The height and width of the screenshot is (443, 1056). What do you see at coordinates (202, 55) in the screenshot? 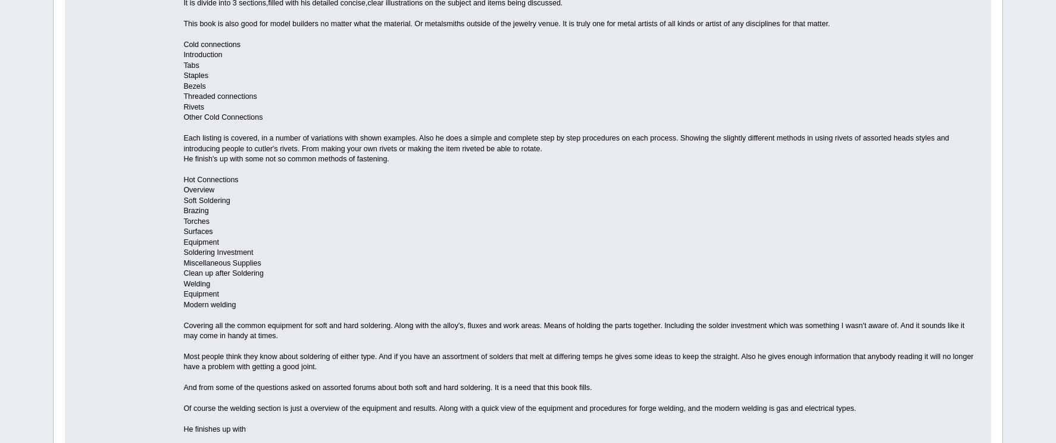
I see `'Introduction'` at bounding box center [202, 55].